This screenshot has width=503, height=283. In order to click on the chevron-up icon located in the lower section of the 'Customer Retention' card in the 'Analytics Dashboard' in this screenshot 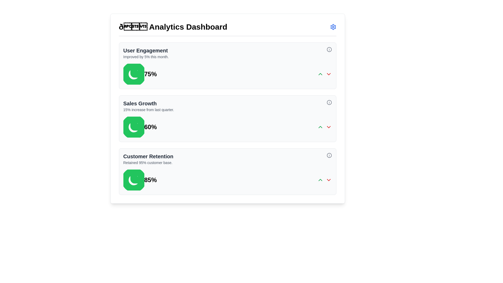, I will do `click(320, 179)`.